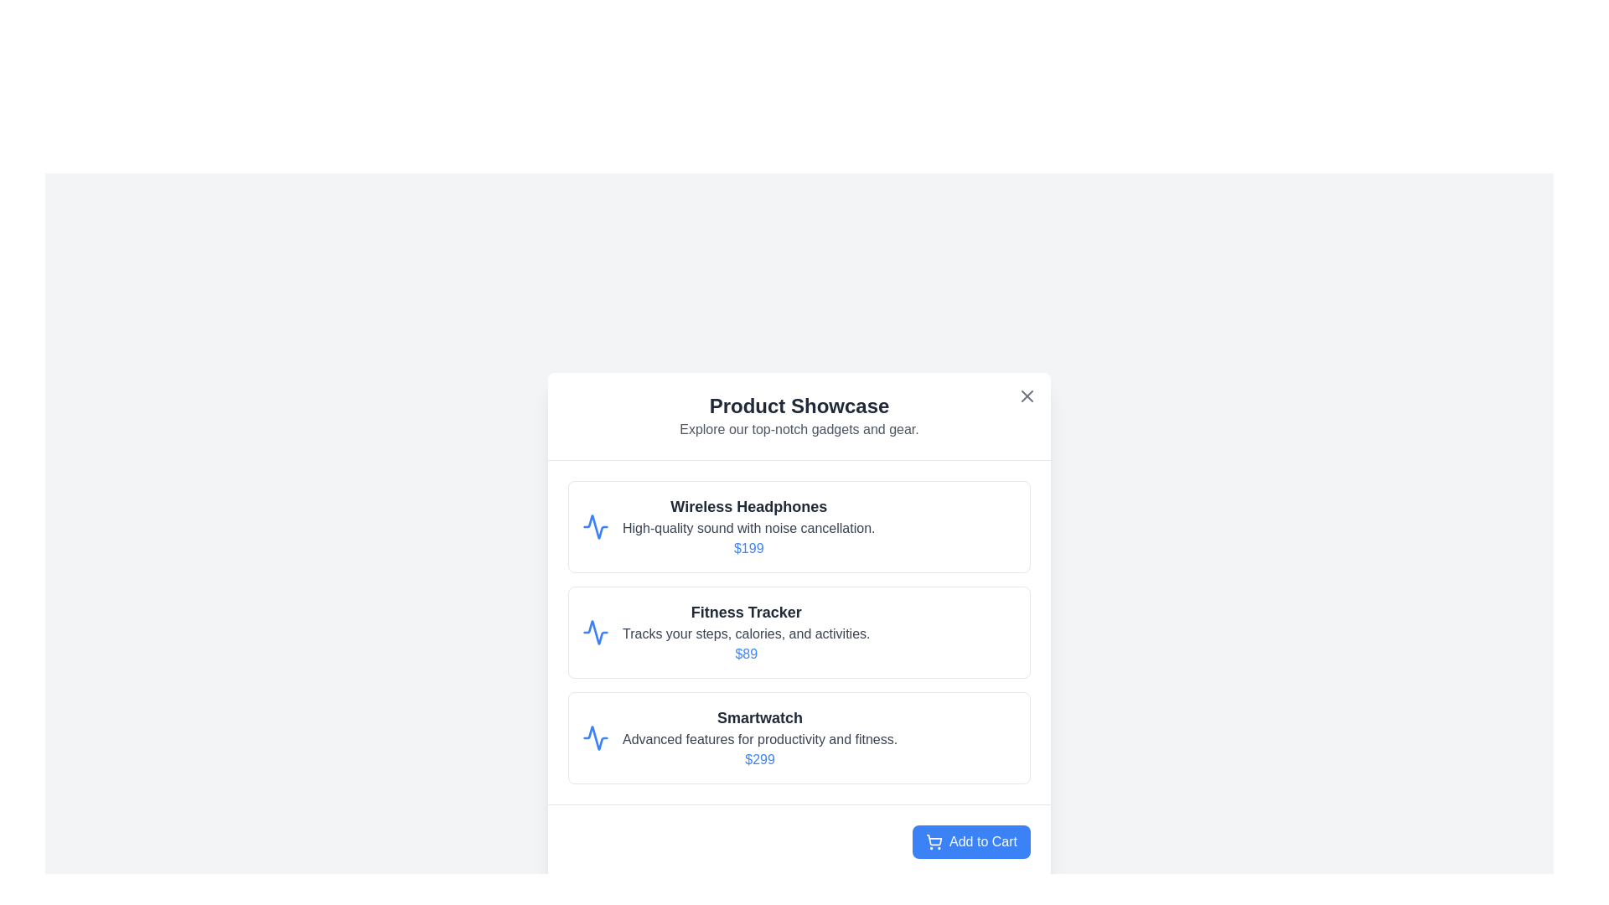  I want to click on the SVG Icon representing the Fitness Tracker product, so click(595, 633).